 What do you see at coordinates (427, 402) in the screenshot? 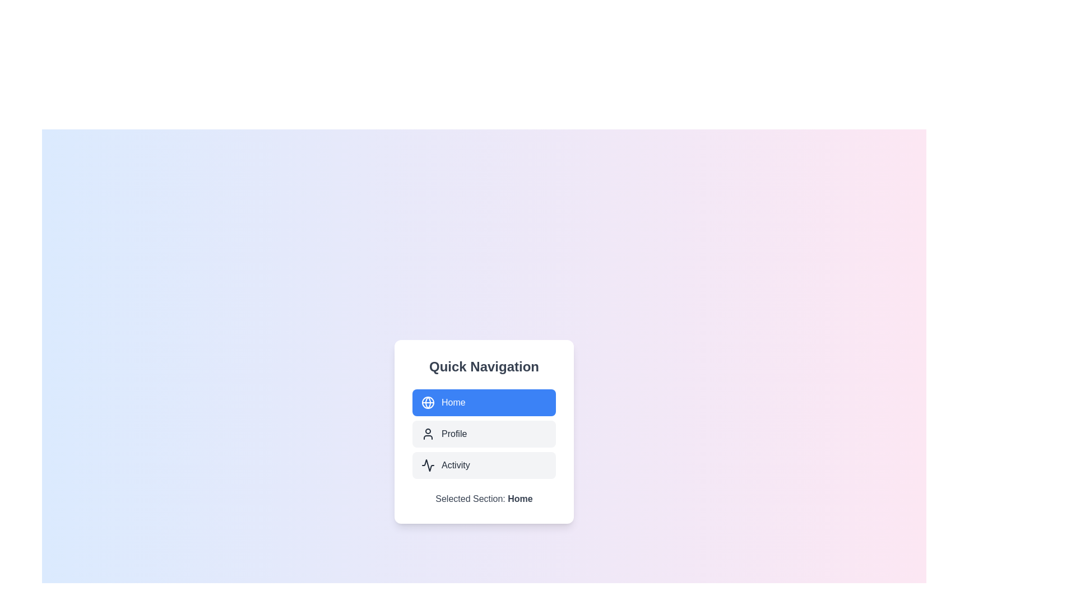
I see `the circular decorative element within the SVG globe icon associated with the 'Home' button in the Quick Navigation section` at bounding box center [427, 402].